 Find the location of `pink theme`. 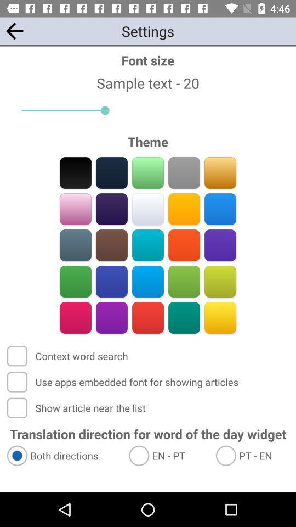

pink theme is located at coordinates (75, 209).